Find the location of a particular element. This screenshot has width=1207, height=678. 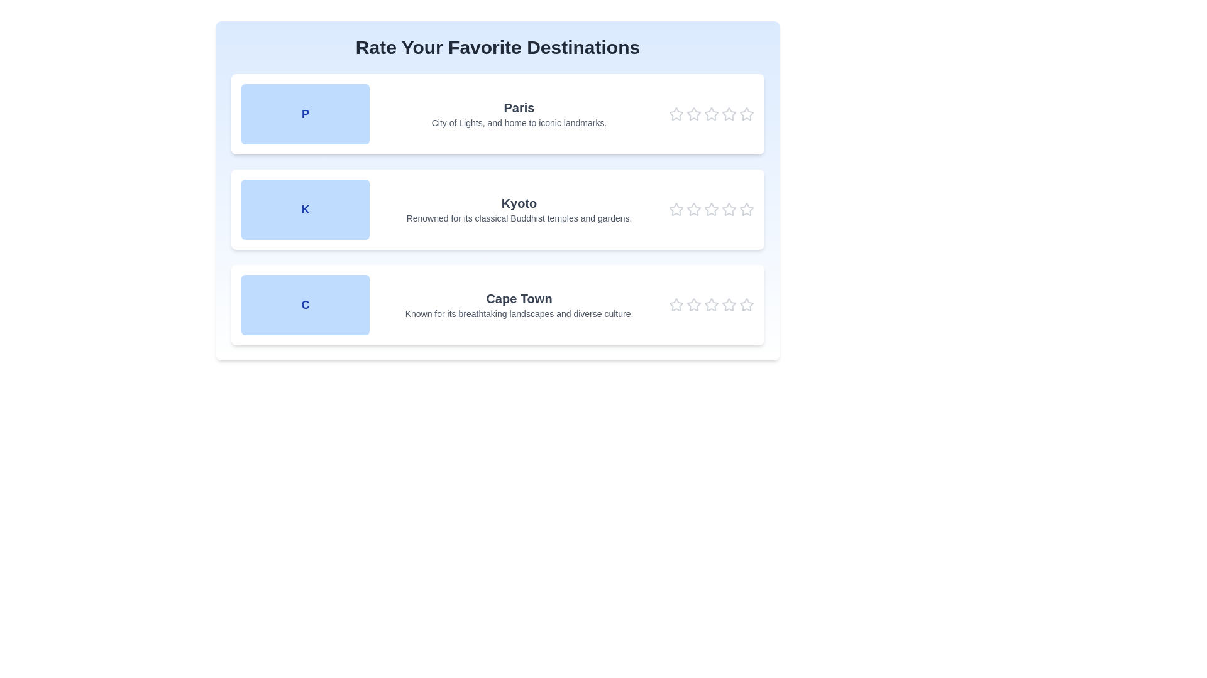

the first star icon in the rating section is located at coordinates (675, 114).